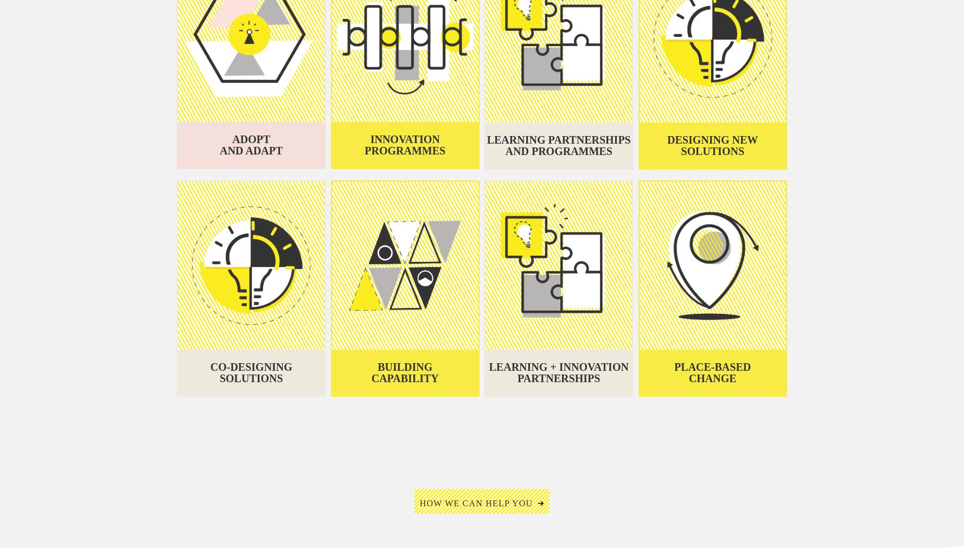  What do you see at coordinates (250, 377) in the screenshot?
I see `'solutions'` at bounding box center [250, 377].